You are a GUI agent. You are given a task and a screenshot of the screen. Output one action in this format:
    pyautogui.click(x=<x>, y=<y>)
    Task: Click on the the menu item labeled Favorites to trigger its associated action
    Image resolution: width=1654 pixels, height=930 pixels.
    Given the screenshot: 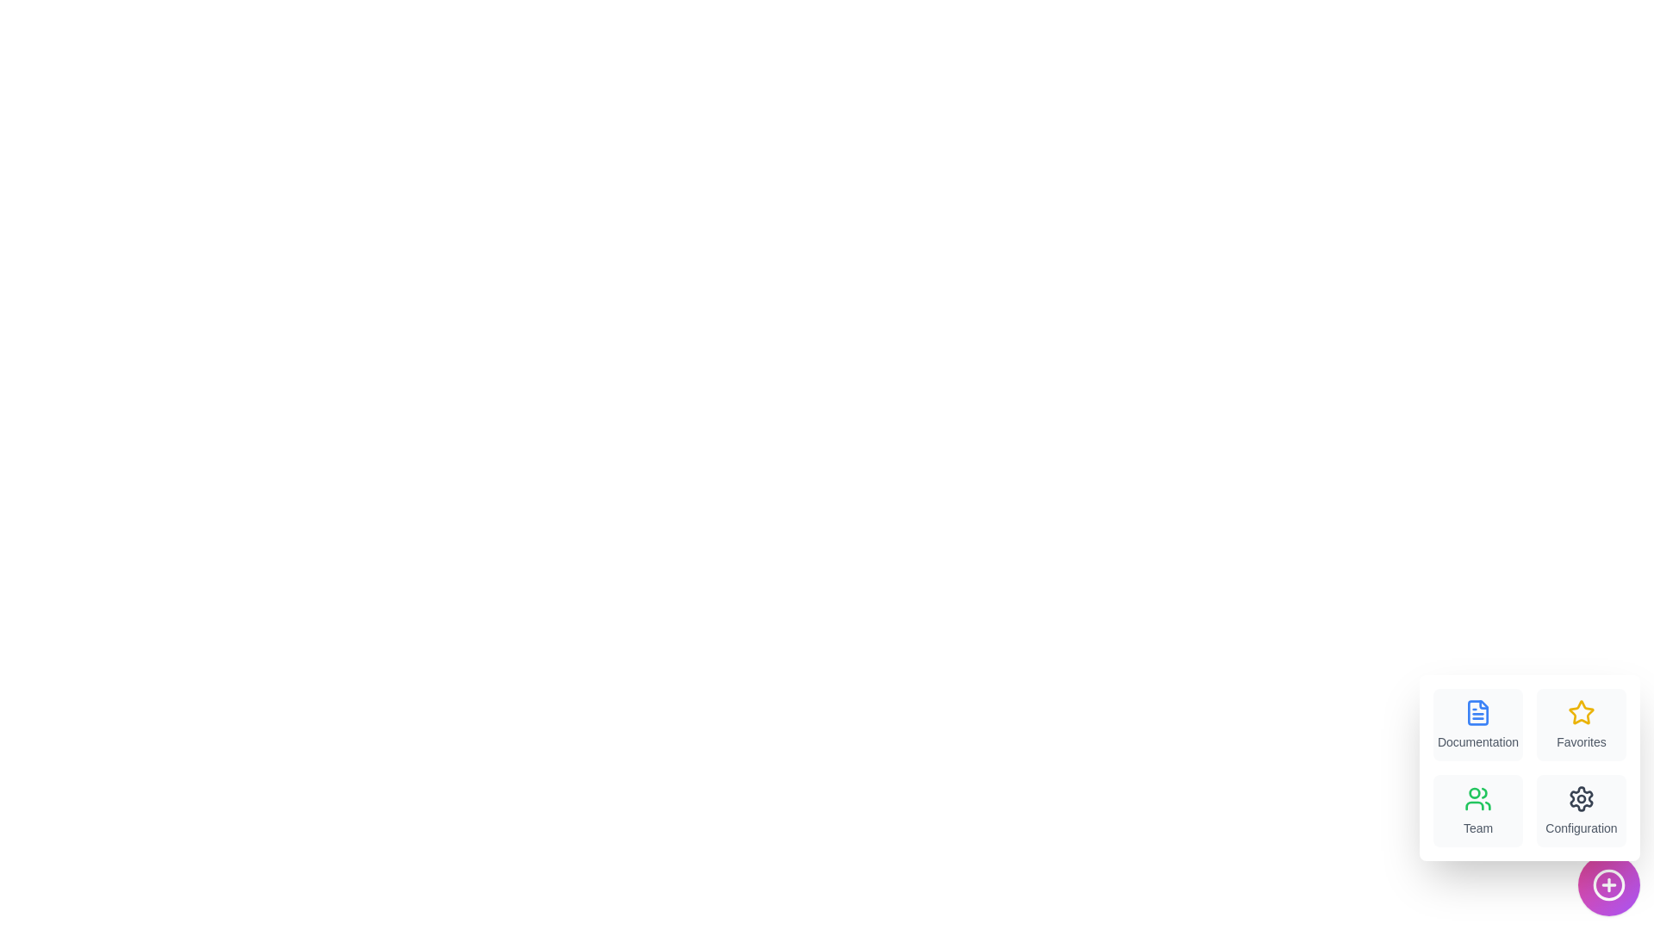 What is the action you would take?
    pyautogui.click(x=1582, y=724)
    